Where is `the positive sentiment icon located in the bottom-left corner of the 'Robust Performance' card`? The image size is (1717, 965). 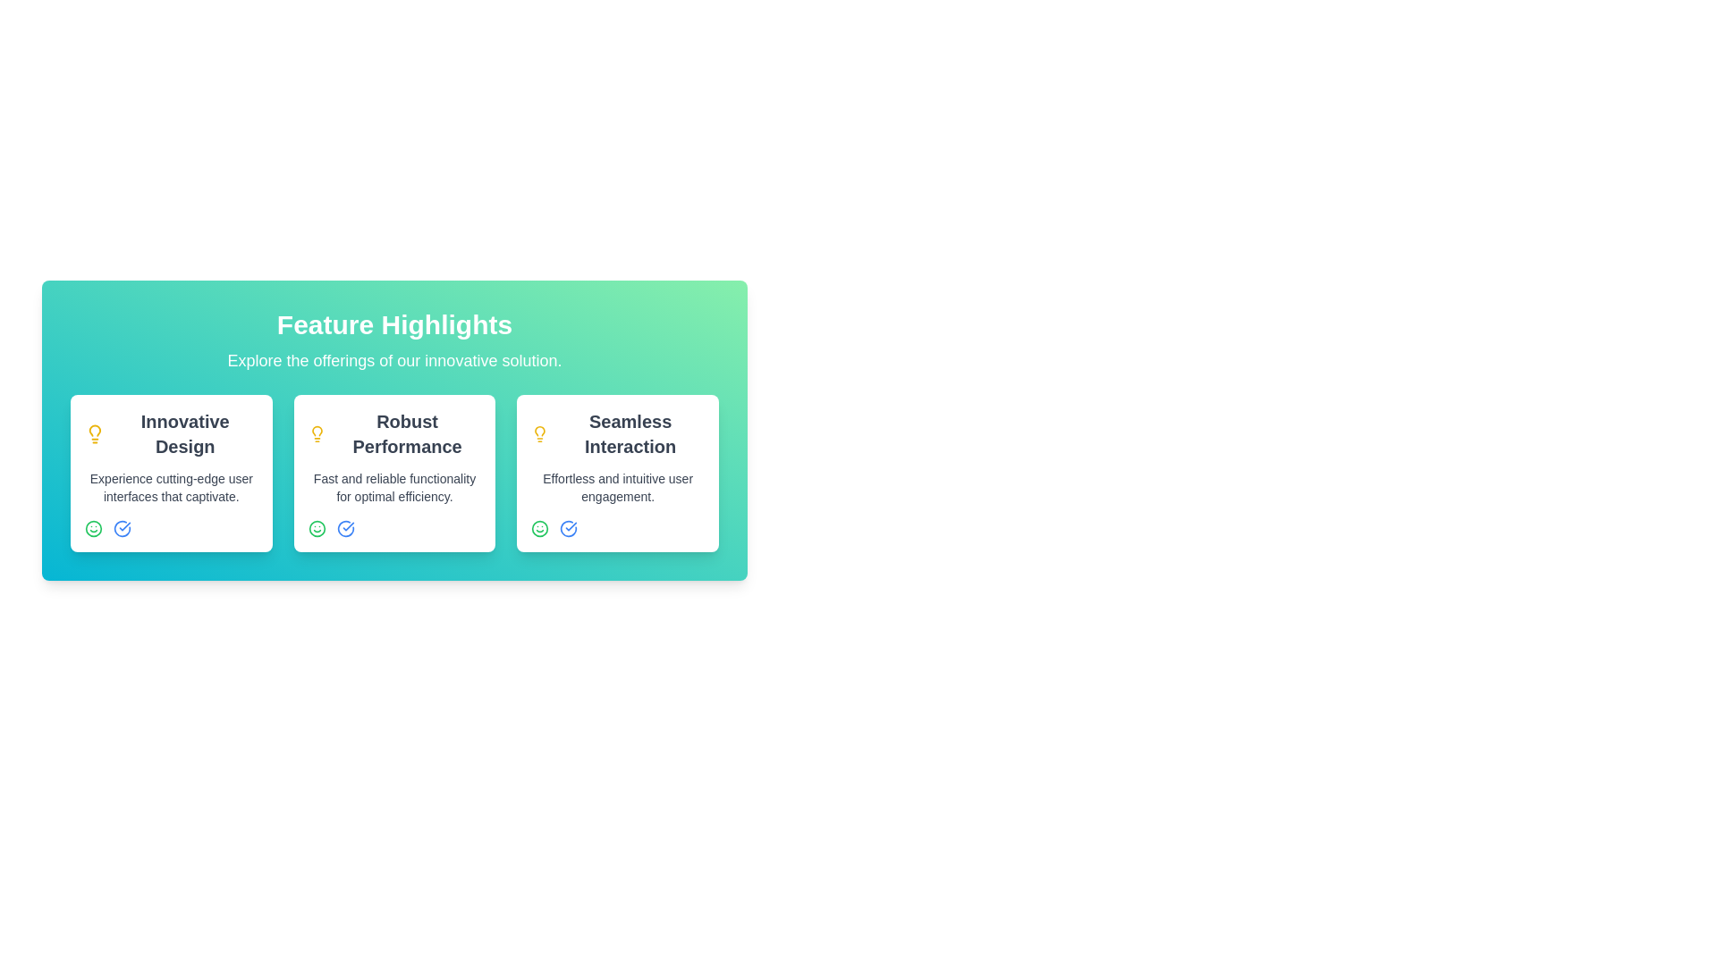
the positive sentiment icon located in the bottom-left corner of the 'Robust Performance' card is located at coordinates (317, 527).